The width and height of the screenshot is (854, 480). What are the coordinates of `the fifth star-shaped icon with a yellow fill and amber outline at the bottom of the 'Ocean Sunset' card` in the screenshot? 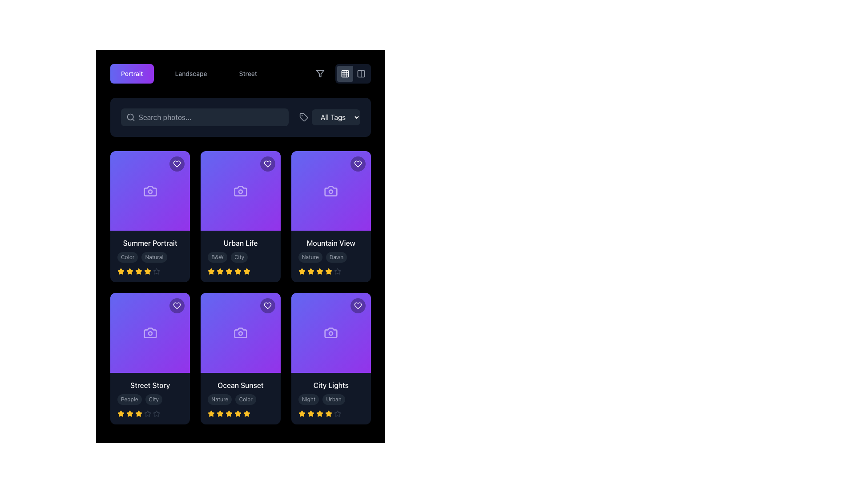 It's located at (247, 413).